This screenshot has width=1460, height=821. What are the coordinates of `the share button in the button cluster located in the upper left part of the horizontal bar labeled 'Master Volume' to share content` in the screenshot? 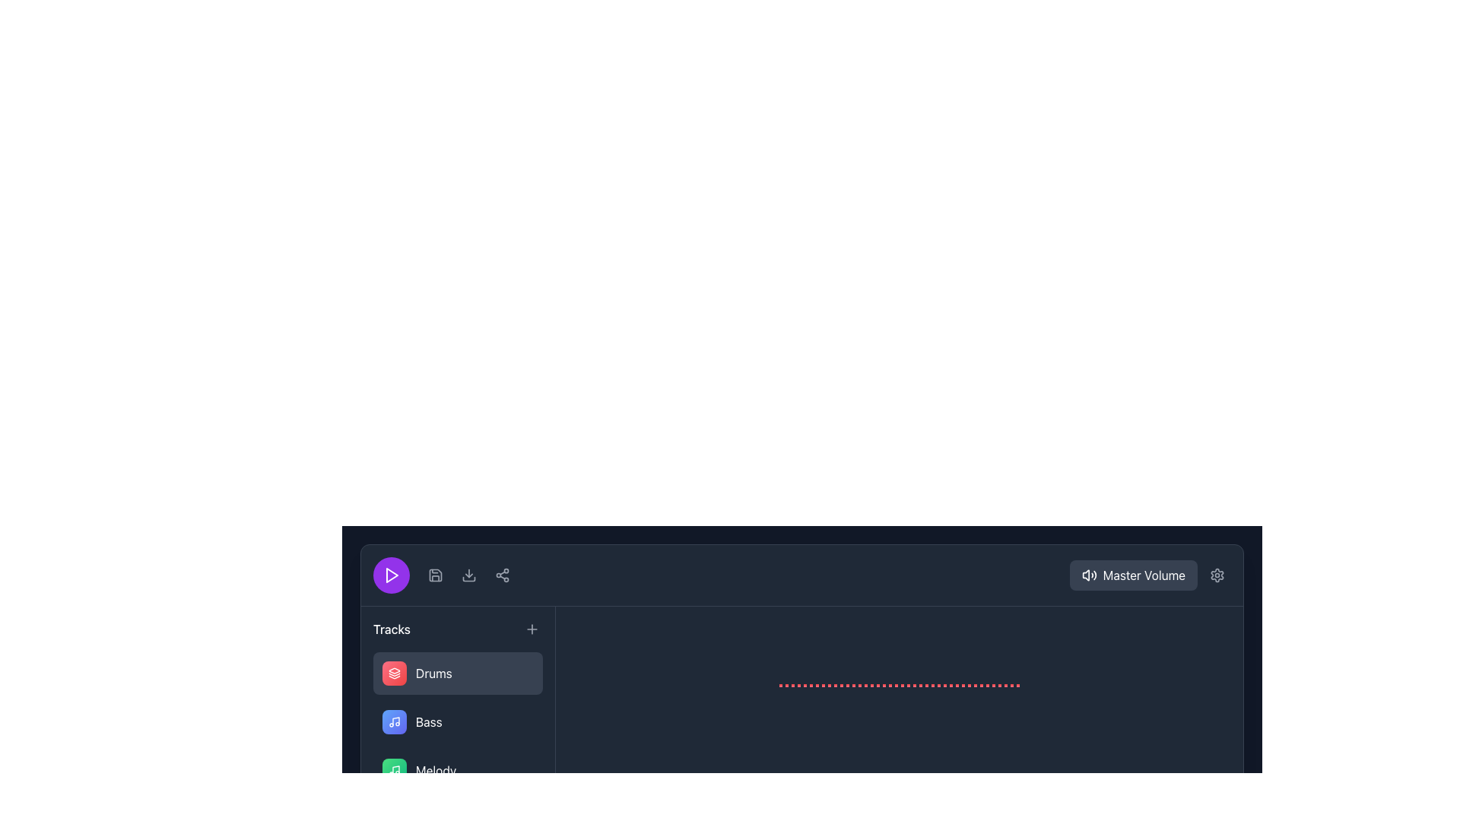 It's located at (444, 575).